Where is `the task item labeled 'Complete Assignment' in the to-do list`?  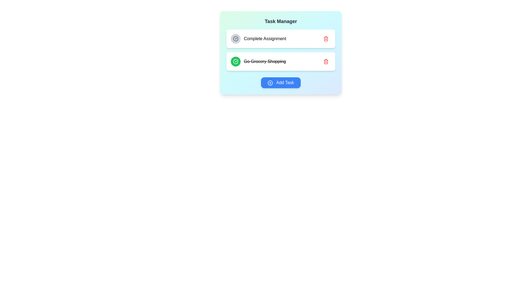 the task item labeled 'Complete Assignment' in the to-do list is located at coordinates (281, 38).